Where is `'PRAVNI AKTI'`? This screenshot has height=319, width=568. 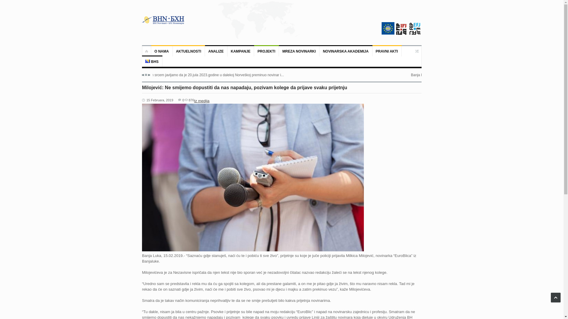 'PRAVNI AKTI' is located at coordinates (387, 51).